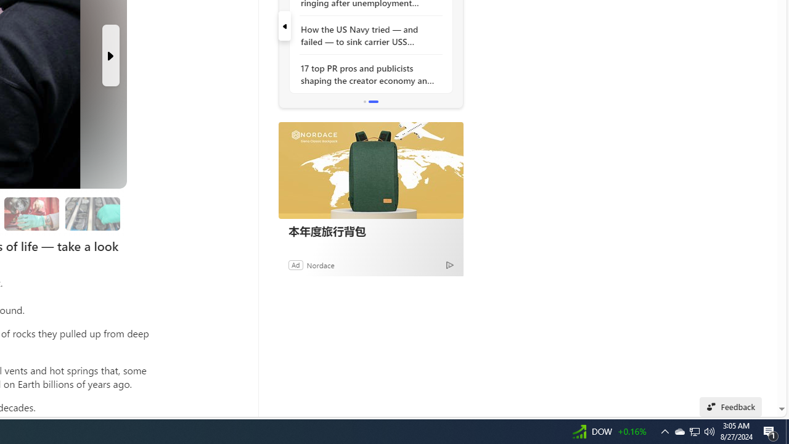  What do you see at coordinates (284, 26) in the screenshot?
I see `'previous'` at bounding box center [284, 26].